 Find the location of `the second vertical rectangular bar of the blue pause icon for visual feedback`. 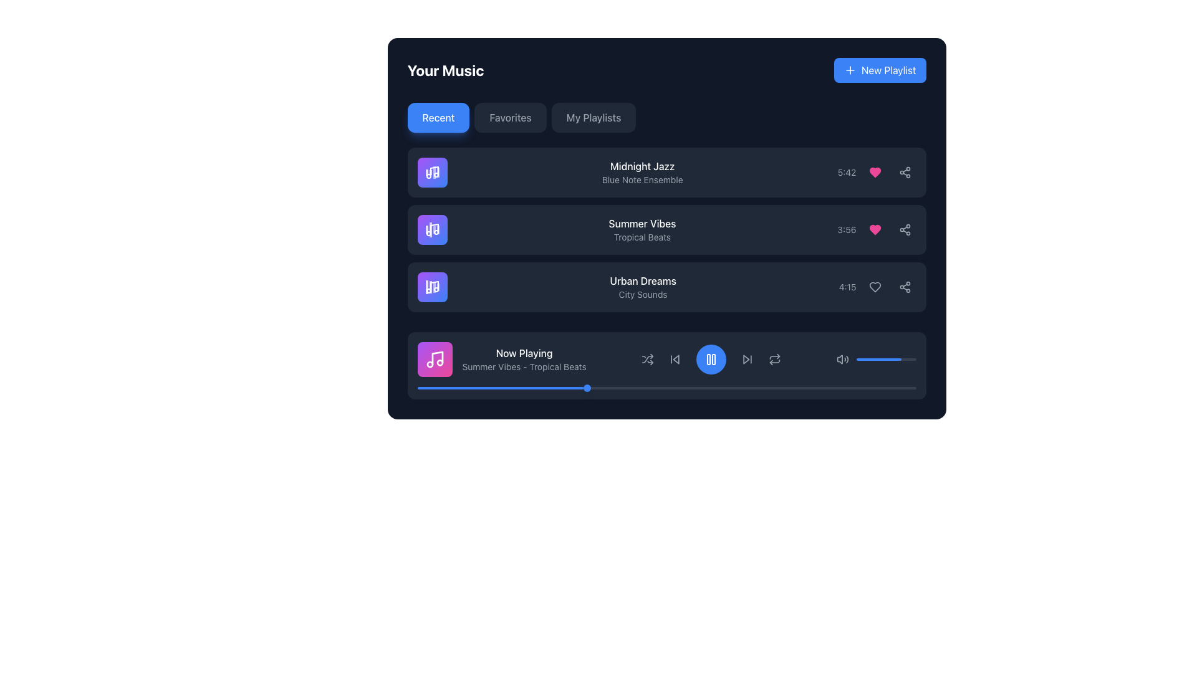

the second vertical rectangular bar of the blue pause icon for visual feedback is located at coordinates (714, 360).